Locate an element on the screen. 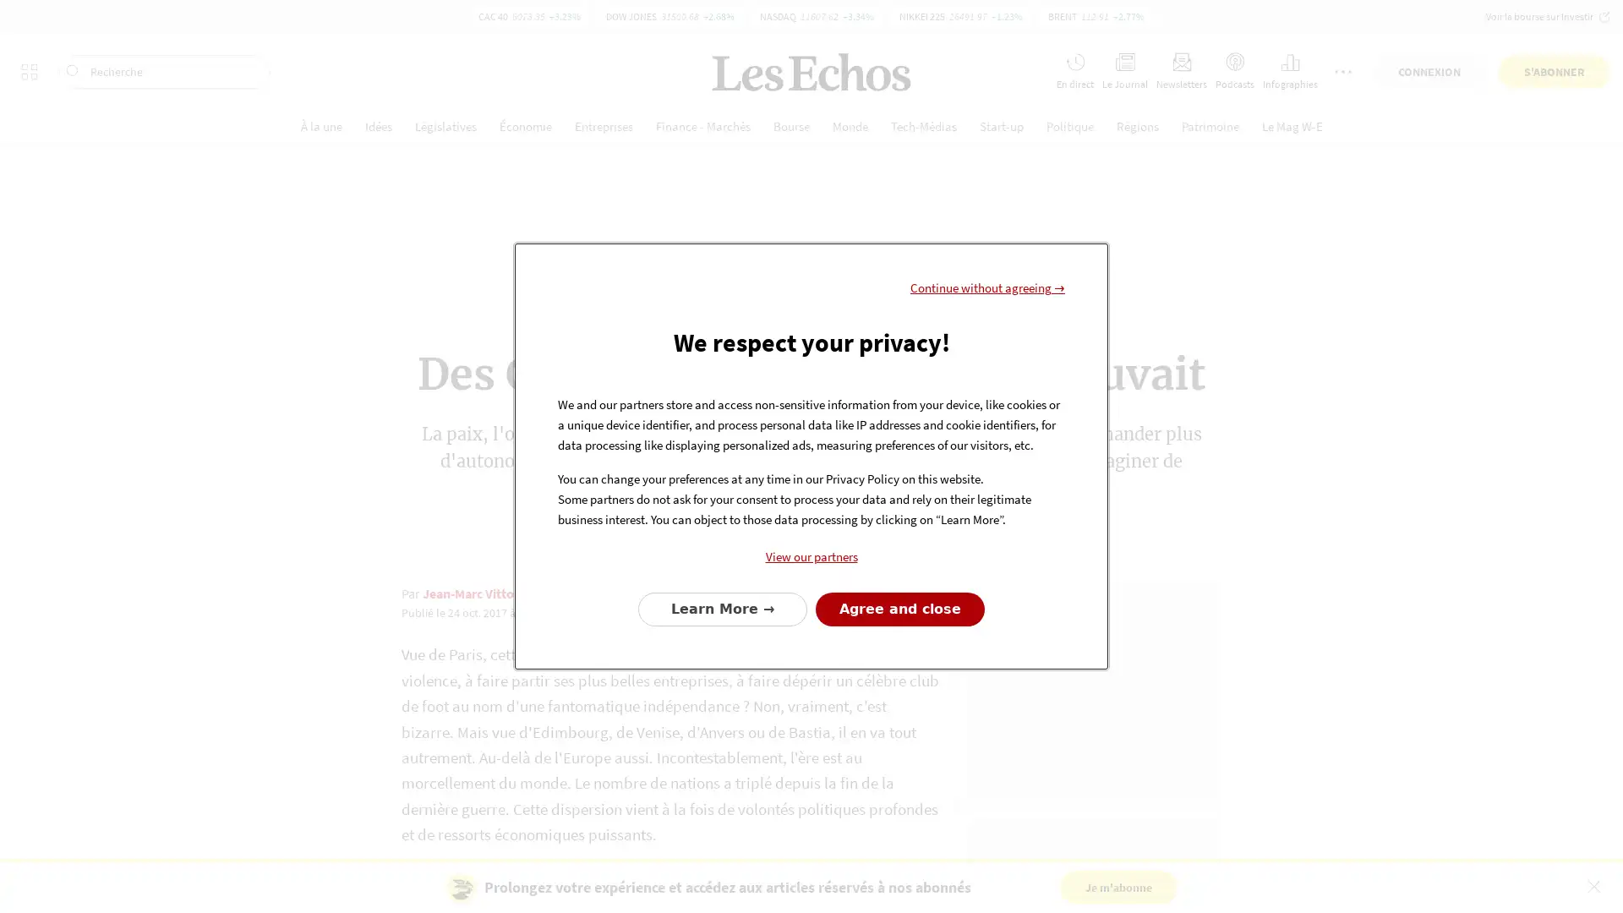 This screenshot has width=1623, height=913. Tous les sites is located at coordinates (29, 23).